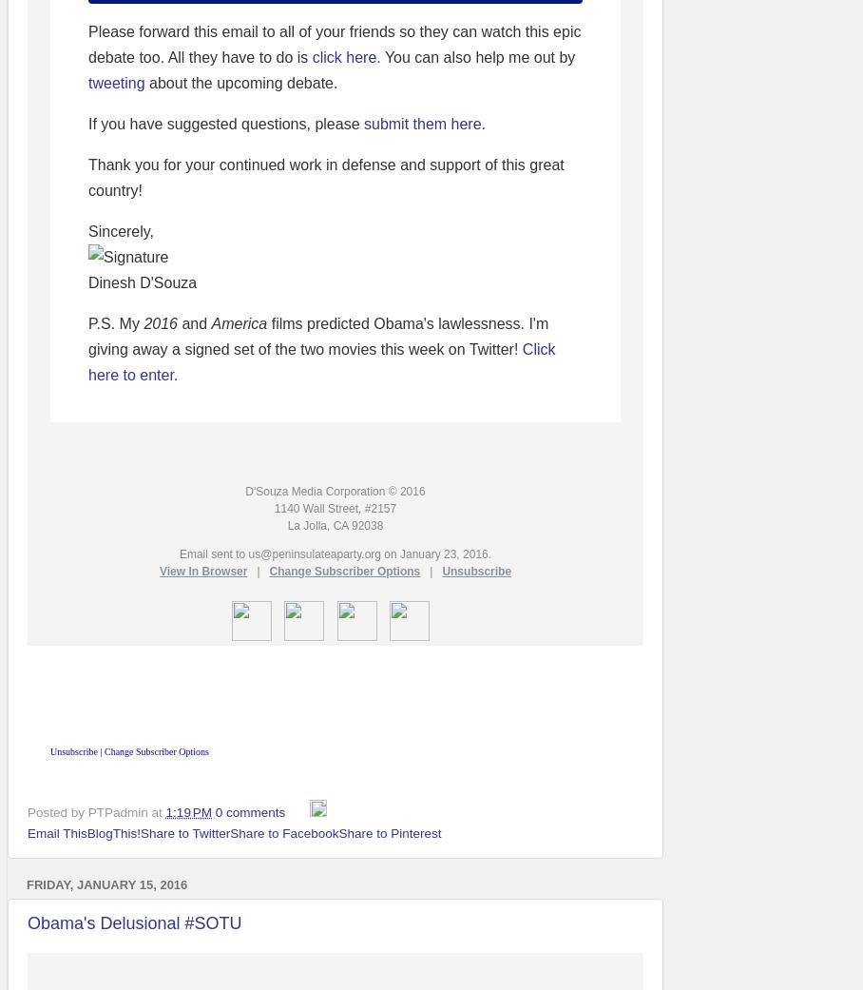 This screenshot has height=990, width=863. What do you see at coordinates (116, 323) in the screenshot?
I see `'P.S. My'` at bounding box center [116, 323].